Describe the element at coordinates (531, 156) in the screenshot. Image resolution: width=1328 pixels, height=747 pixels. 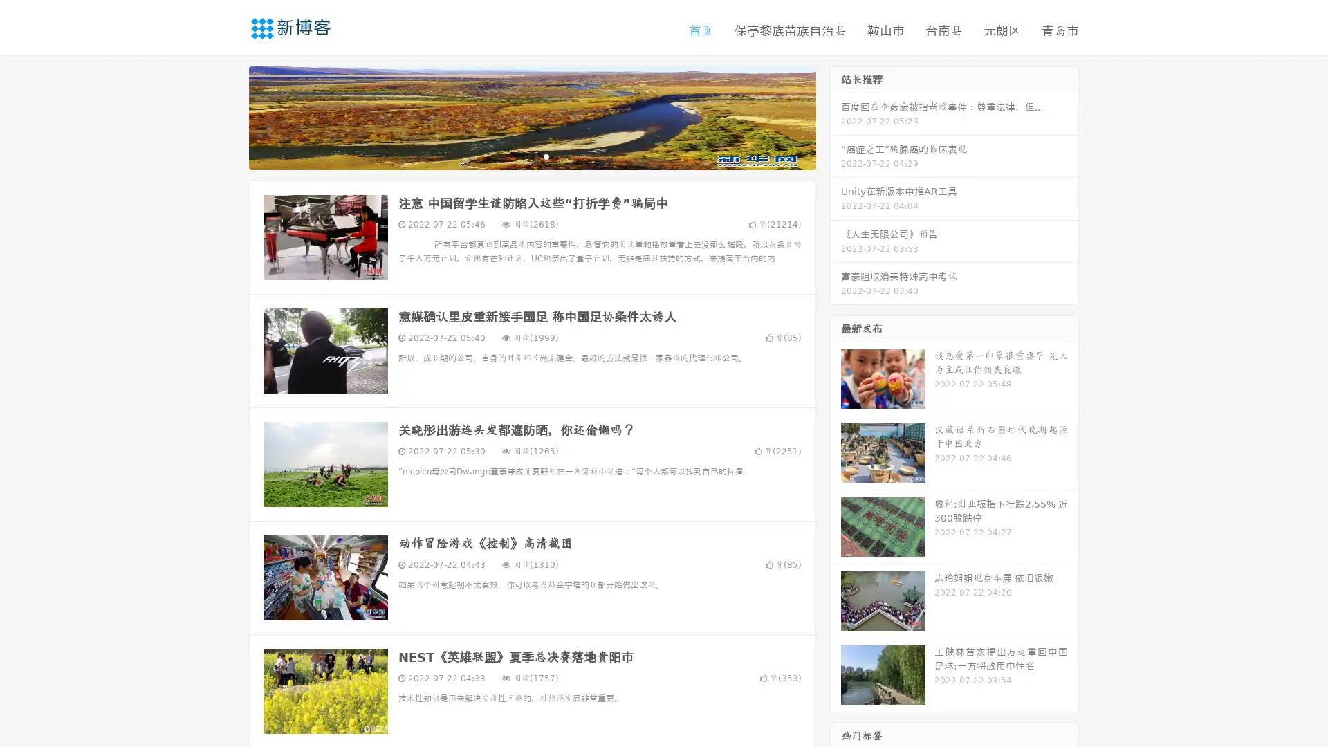
I see `Go to slide 2` at that location.